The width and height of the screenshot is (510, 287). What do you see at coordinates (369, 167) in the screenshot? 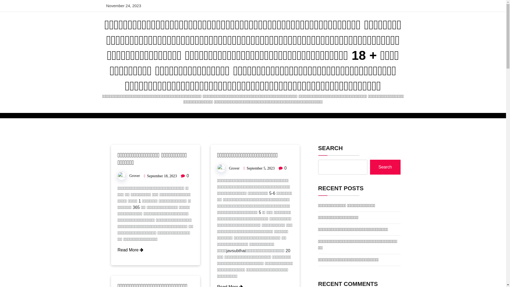
I see `'Search'` at bounding box center [369, 167].